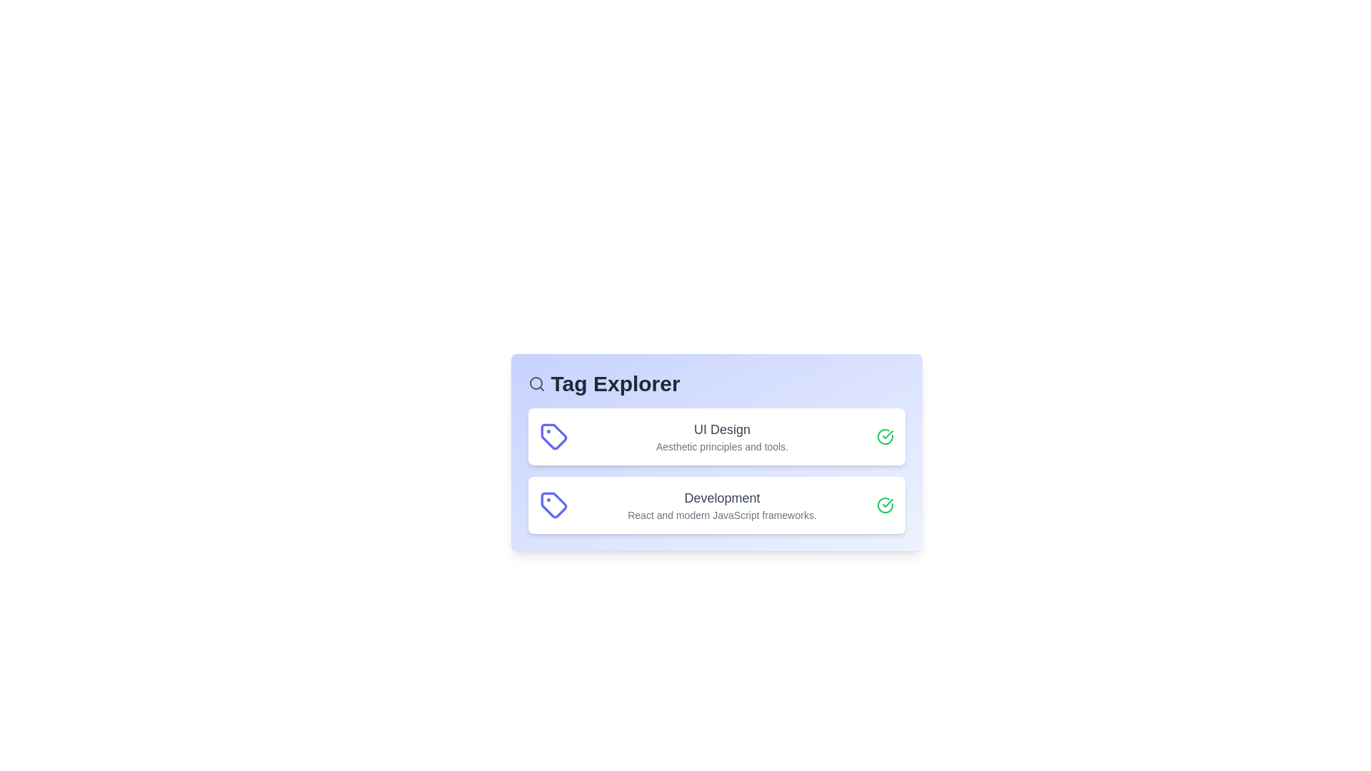 Image resolution: width=1371 pixels, height=771 pixels. I want to click on the tag icon for UI Design, so click(553, 436).